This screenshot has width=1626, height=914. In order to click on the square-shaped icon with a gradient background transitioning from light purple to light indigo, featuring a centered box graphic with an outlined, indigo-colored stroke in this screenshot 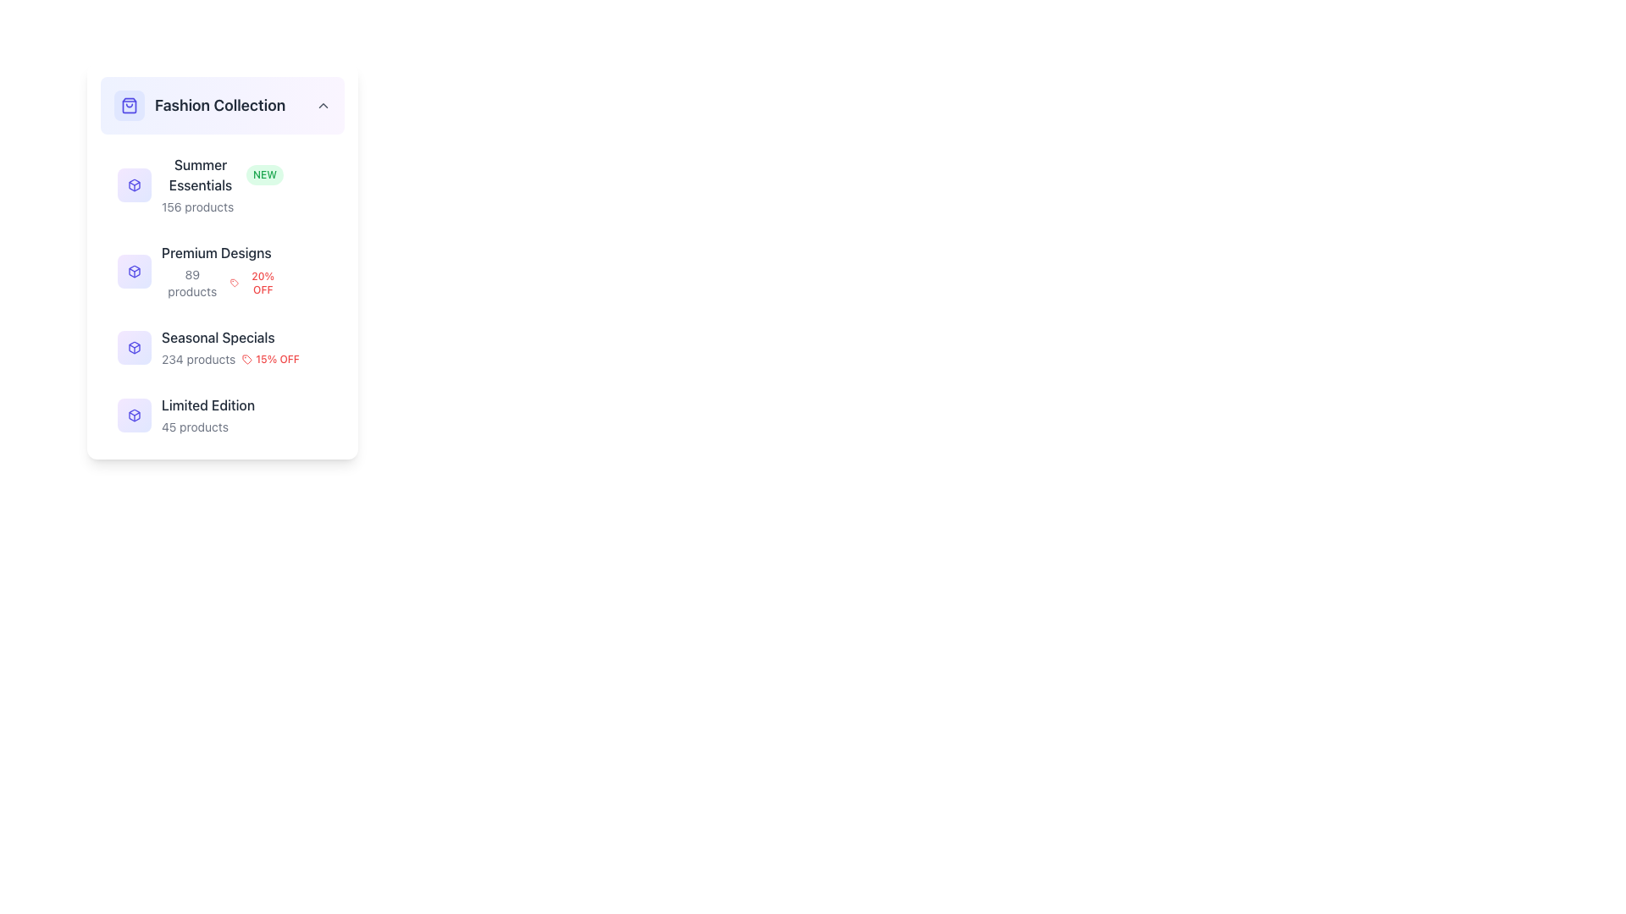, I will do `click(133, 347)`.